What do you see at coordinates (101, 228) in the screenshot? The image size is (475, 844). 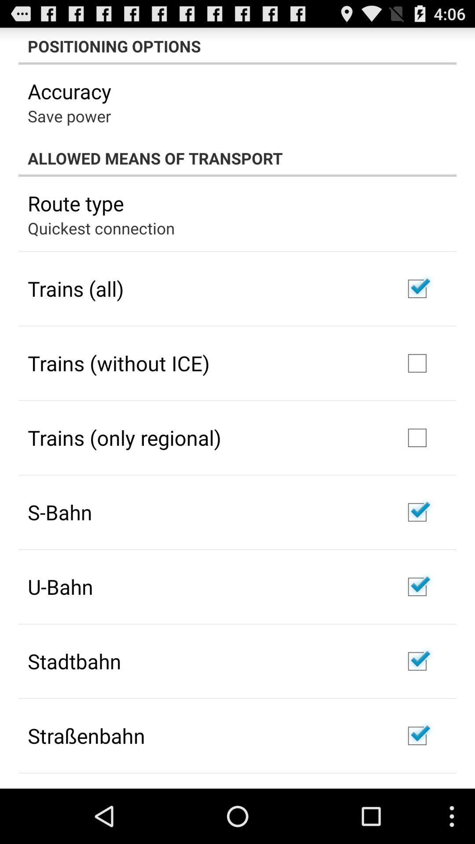 I see `quickest connection app` at bounding box center [101, 228].